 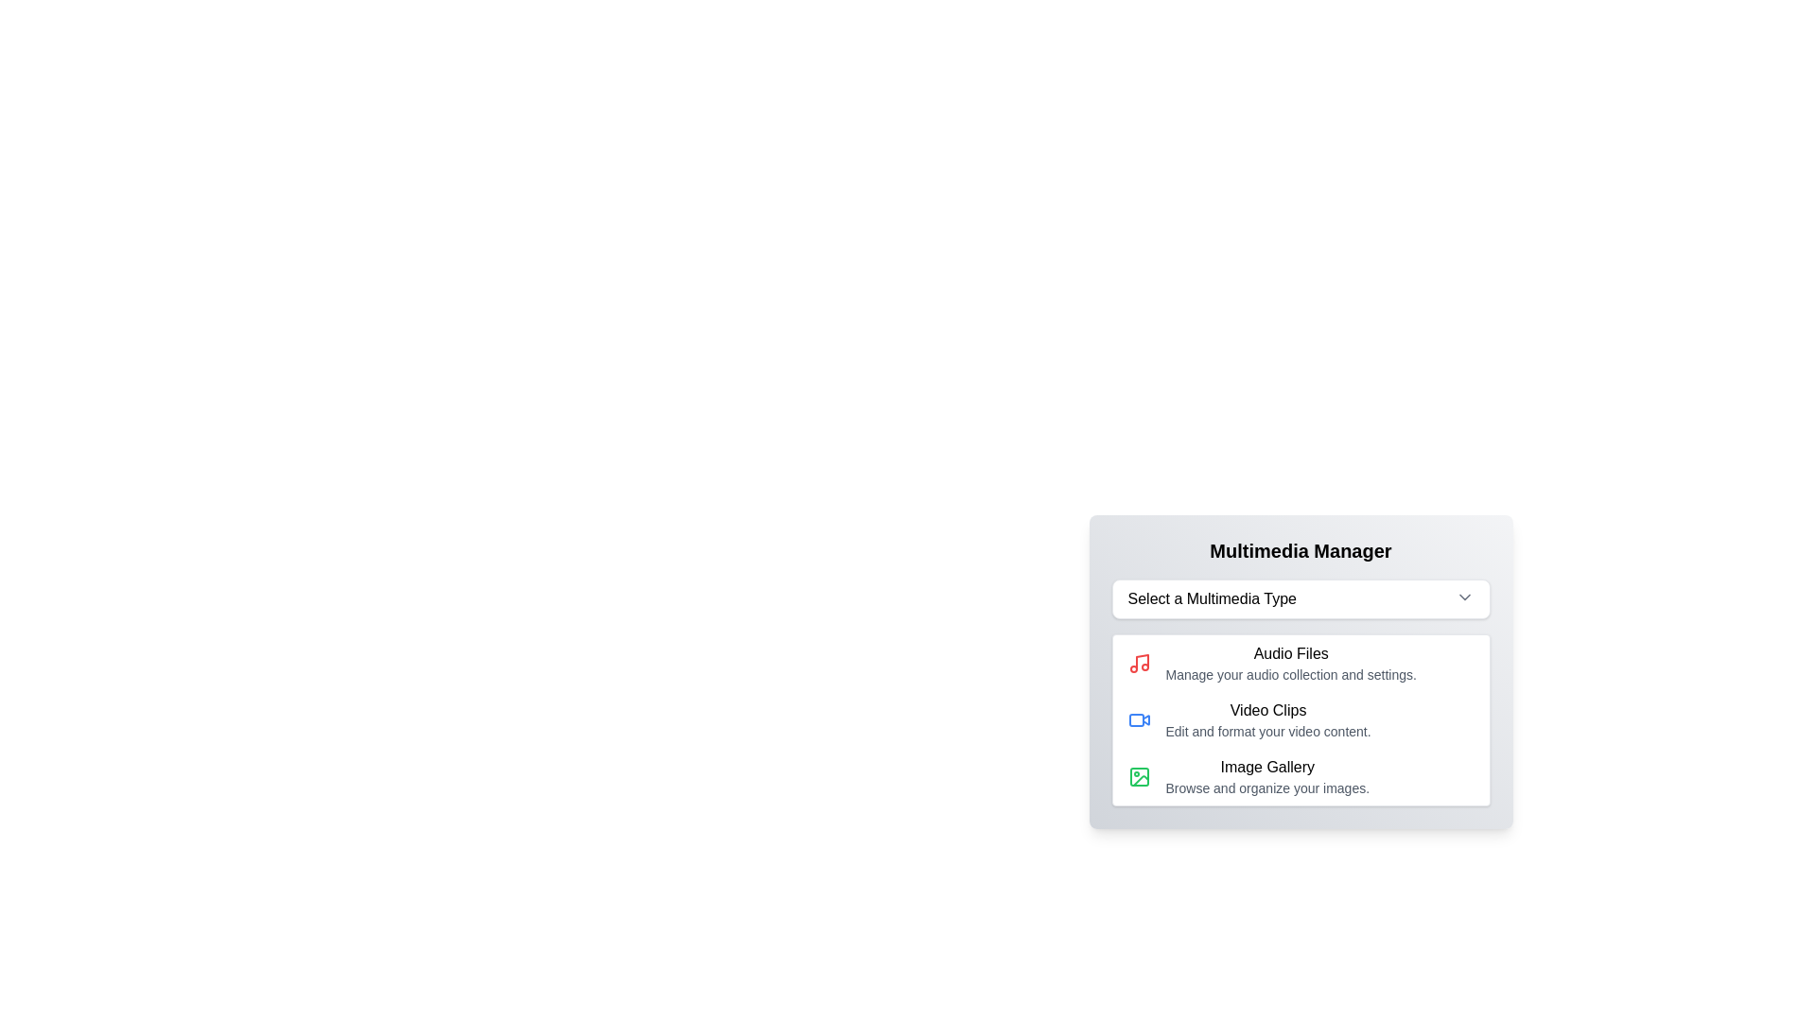 I want to click on the audio icon within the 'Audio Files' menu item in the 'Multimedia Manager' interface, which is the leftmost component of the menu item, so click(x=1138, y=663).